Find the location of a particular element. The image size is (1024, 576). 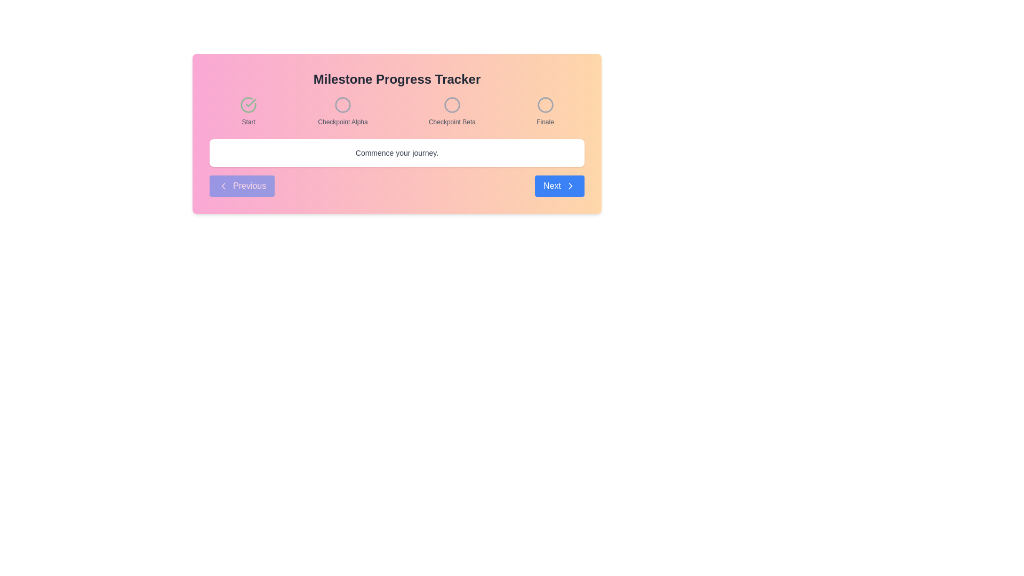

the 'Previous' button located on the left side of the navigation group near the bottom of the panel is located at coordinates (242, 185).